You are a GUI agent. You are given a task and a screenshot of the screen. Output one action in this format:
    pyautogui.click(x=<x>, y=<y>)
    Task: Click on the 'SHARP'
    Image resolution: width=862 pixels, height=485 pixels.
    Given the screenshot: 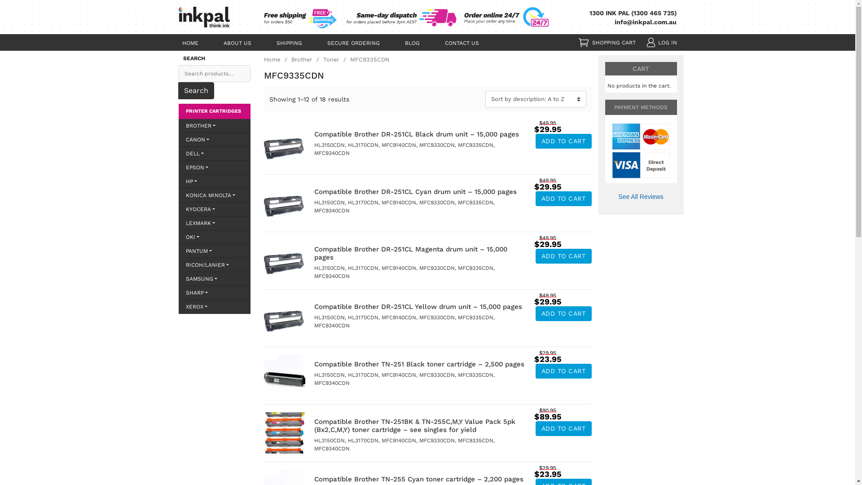 What is the action you would take?
    pyautogui.click(x=214, y=292)
    